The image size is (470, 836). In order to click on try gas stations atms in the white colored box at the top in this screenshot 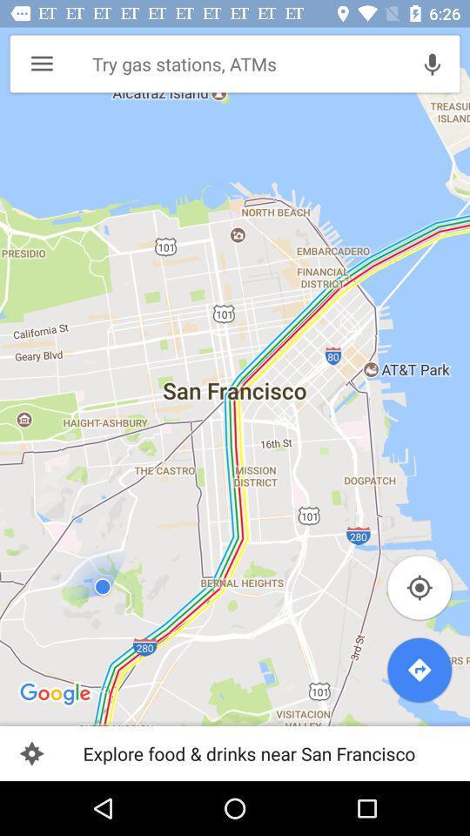, I will do `click(243, 64)`.